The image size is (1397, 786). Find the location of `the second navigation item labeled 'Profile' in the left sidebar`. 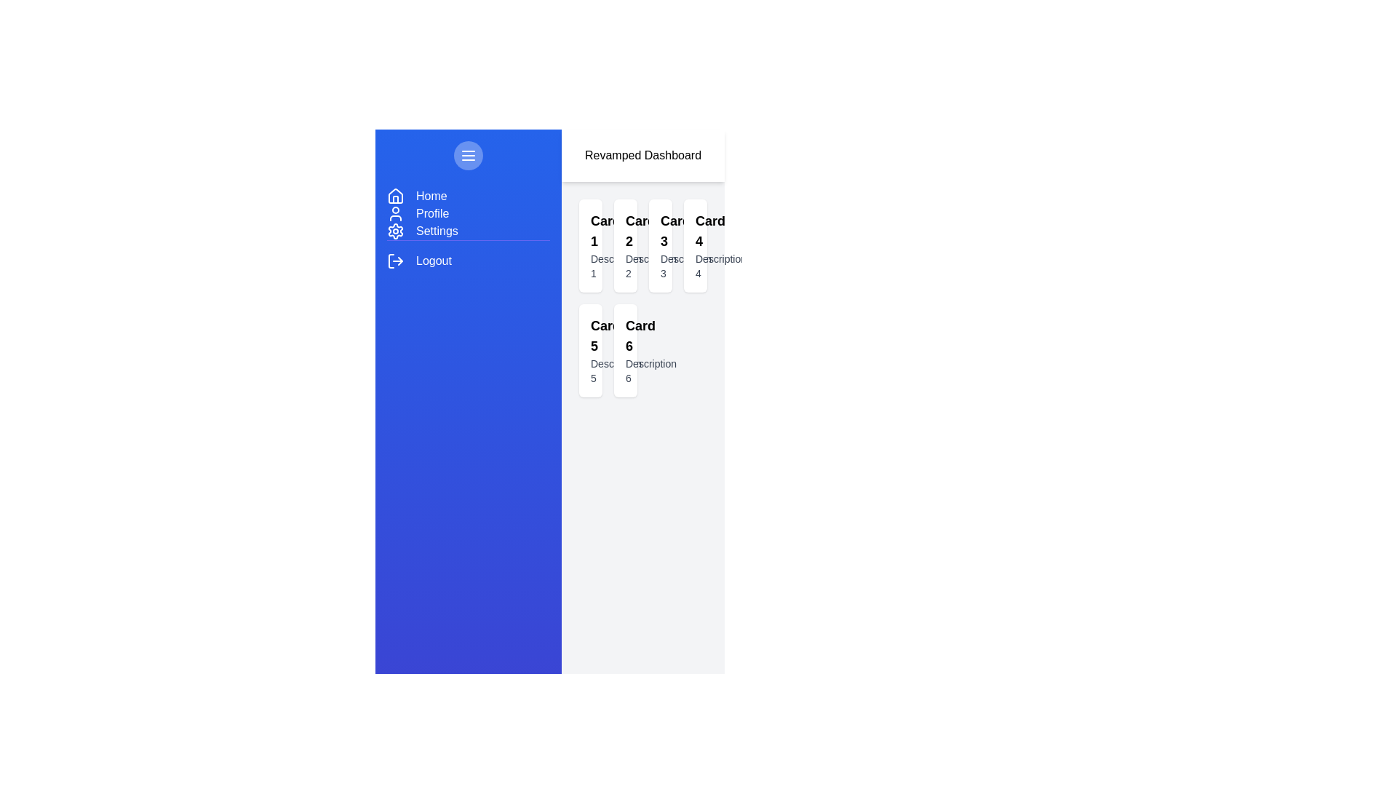

the second navigation item labeled 'Profile' in the left sidebar is located at coordinates (431, 213).